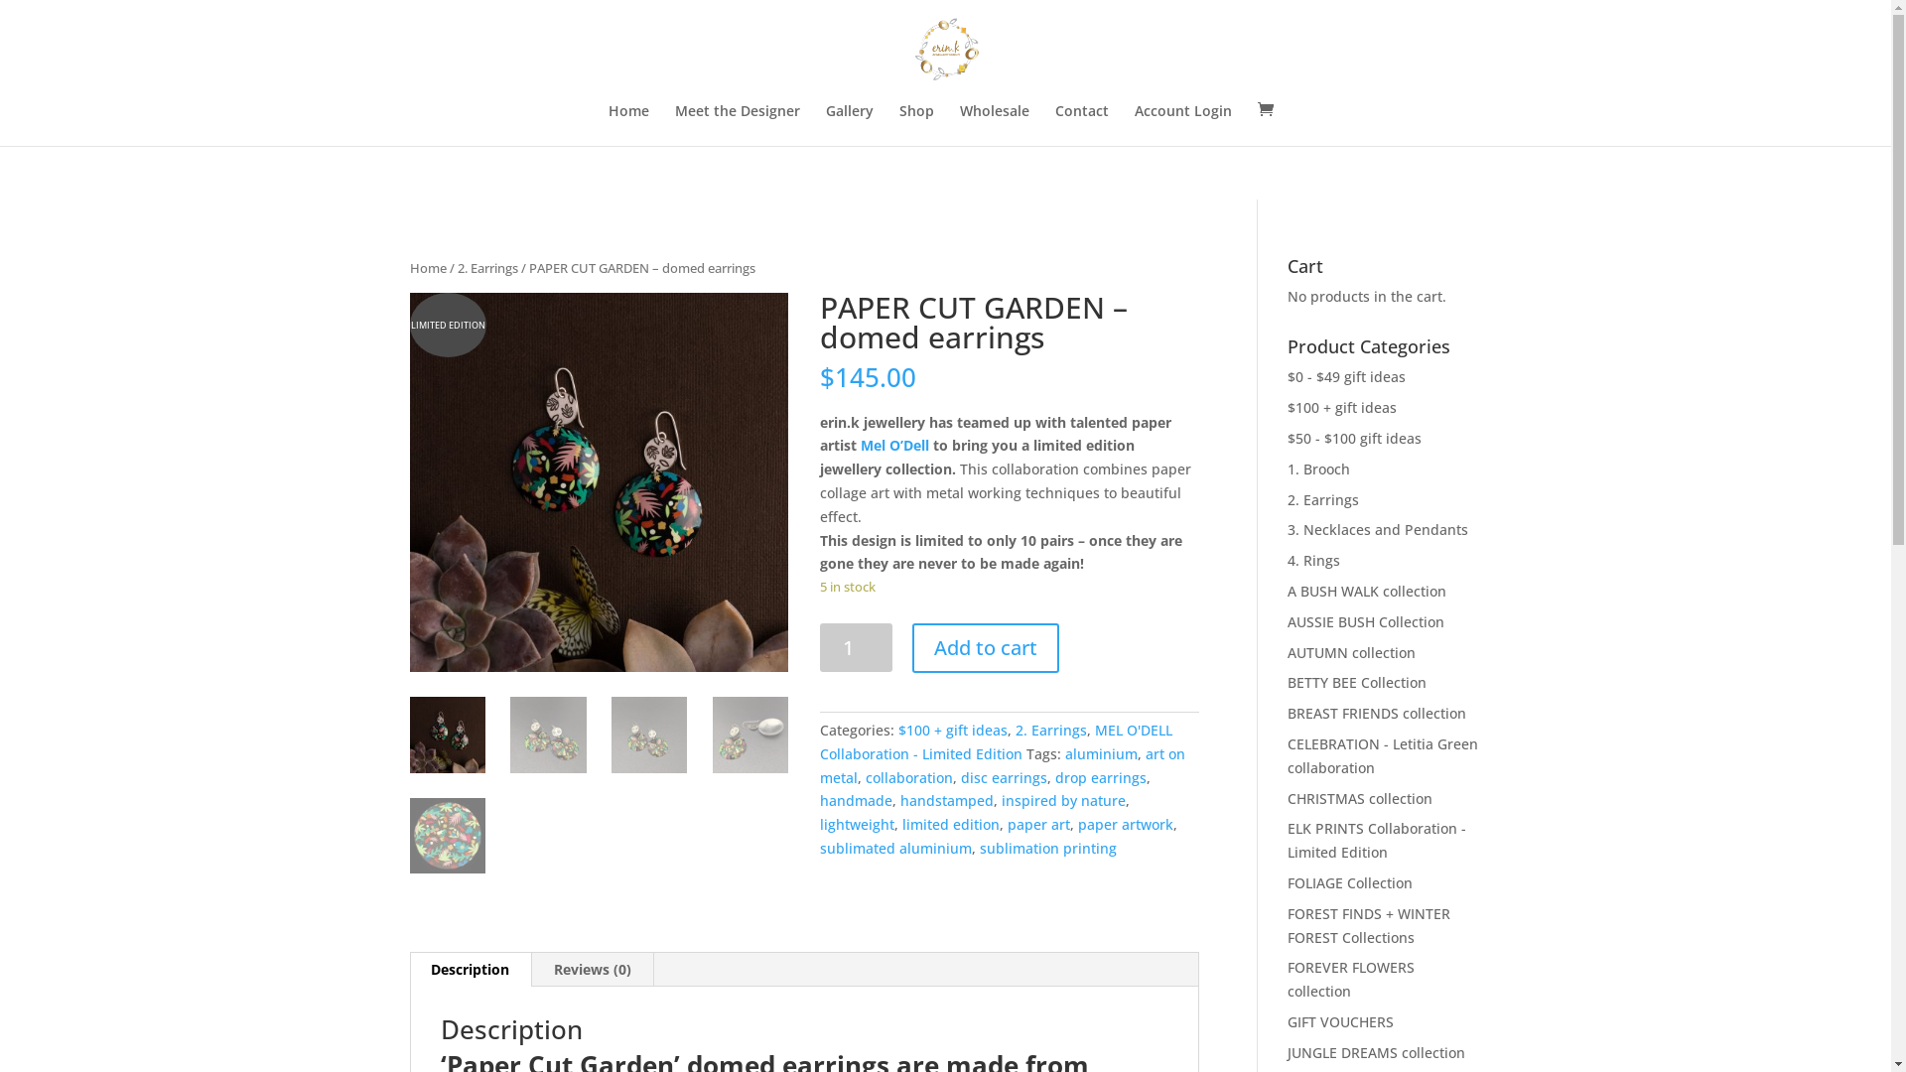 This screenshot has width=1906, height=1072. Describe the element at coordinates (1376, 528) in the screenshot. I see `'3. Necklaces and Pendants'` at that location.